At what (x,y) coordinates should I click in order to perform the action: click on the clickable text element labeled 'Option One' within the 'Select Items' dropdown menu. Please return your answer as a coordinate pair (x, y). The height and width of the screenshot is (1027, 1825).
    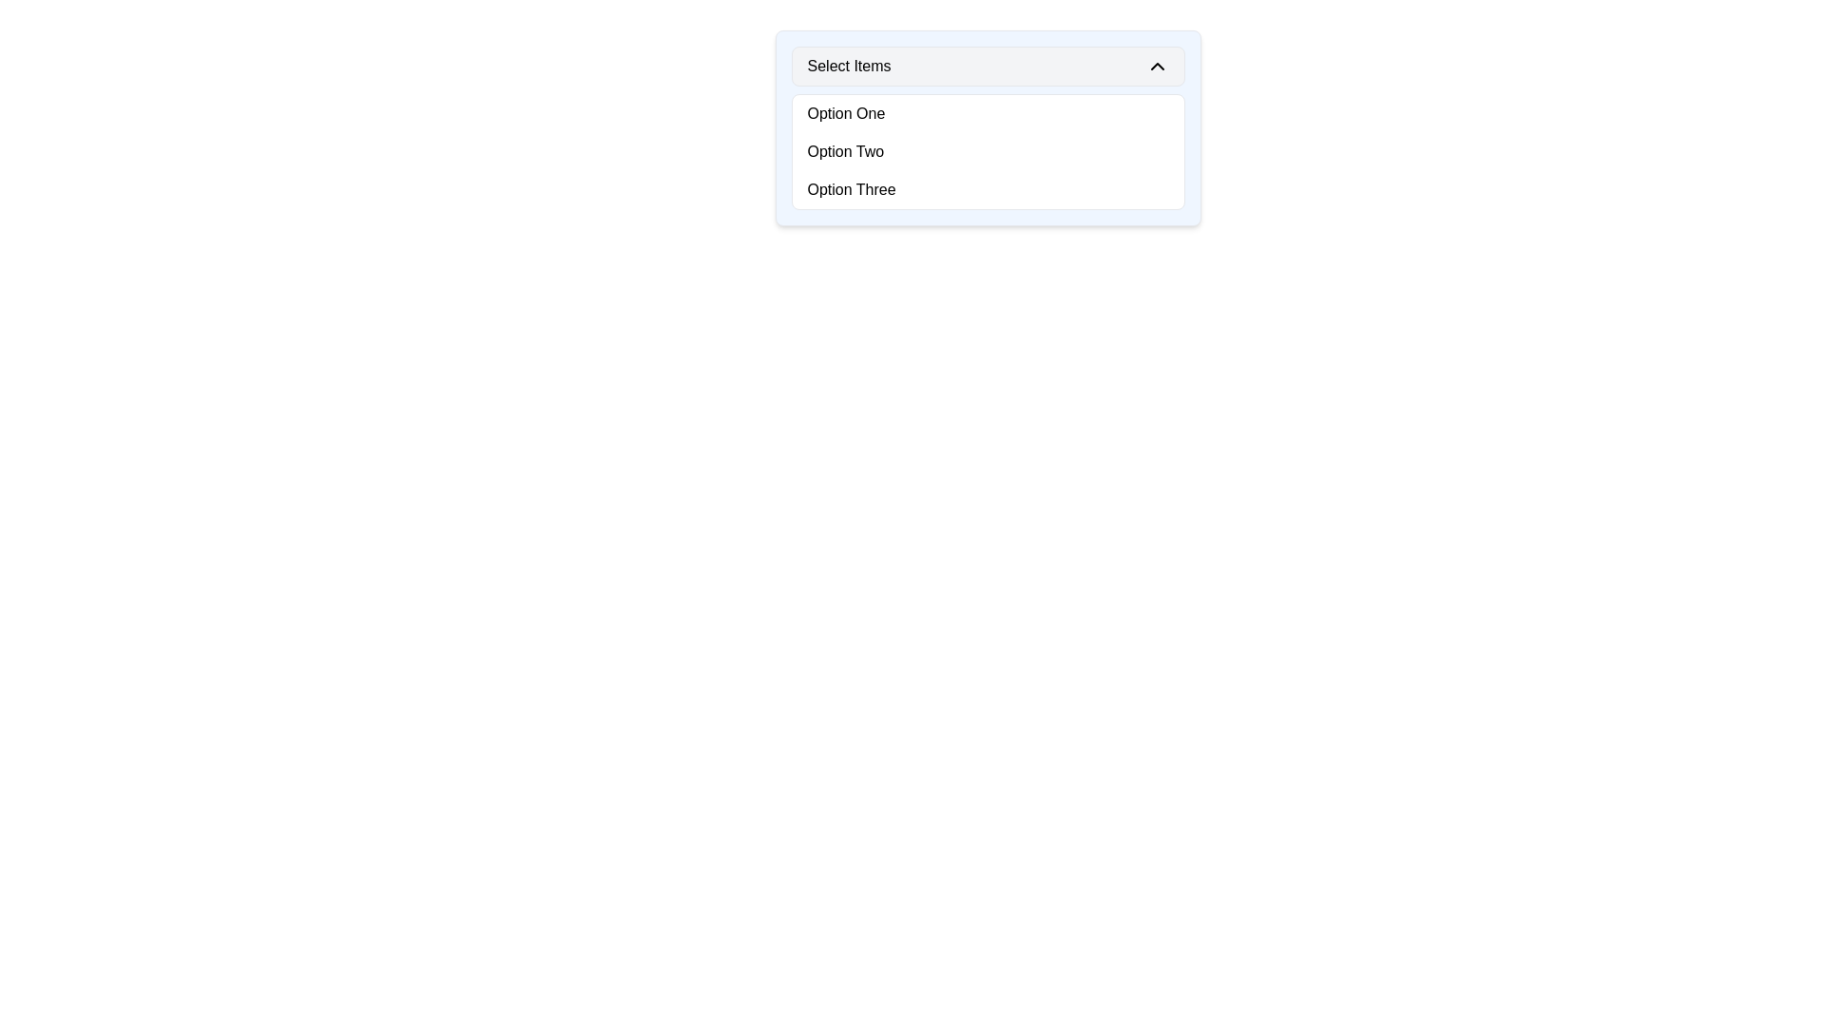
    Looking at the image, I should click on (845, 113).